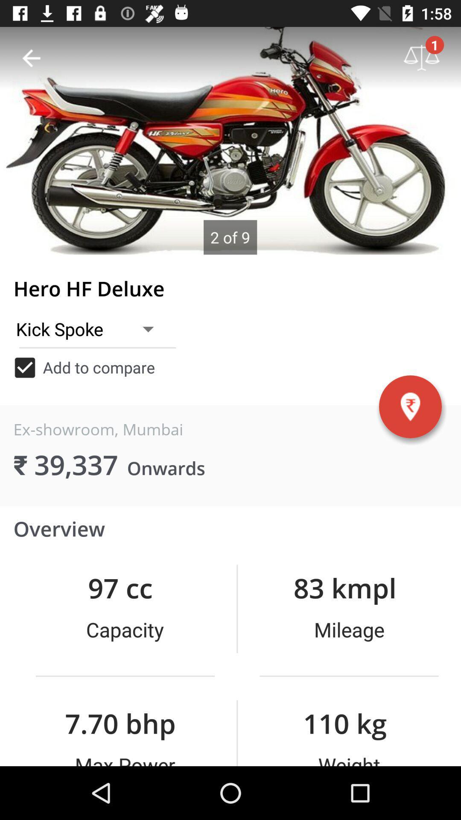 The height and width of the screenshot is (820, 461). What do you see at coordinates (230, 141) in the screenshot?
I see `enlarge displayed image` at bounding box center [230, 141].